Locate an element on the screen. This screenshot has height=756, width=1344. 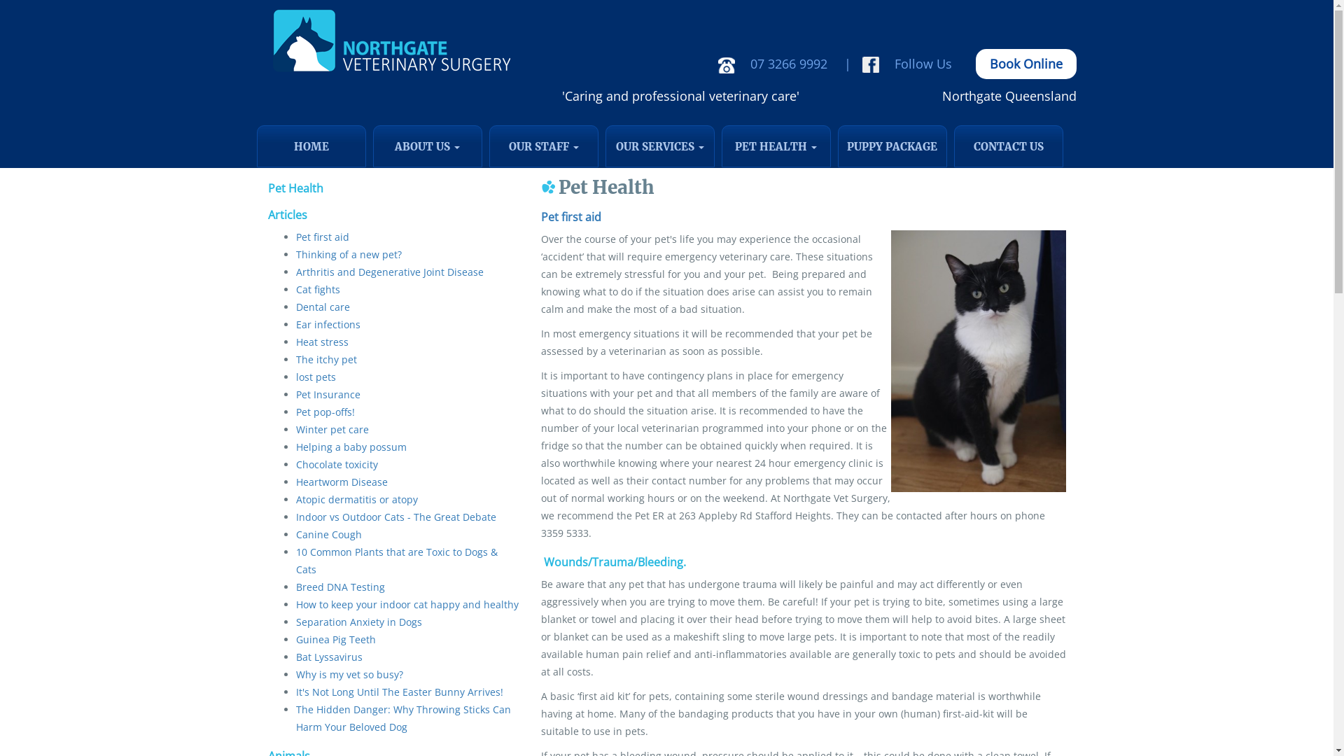
'The itchy pet' is located at coordinates (295, 358).